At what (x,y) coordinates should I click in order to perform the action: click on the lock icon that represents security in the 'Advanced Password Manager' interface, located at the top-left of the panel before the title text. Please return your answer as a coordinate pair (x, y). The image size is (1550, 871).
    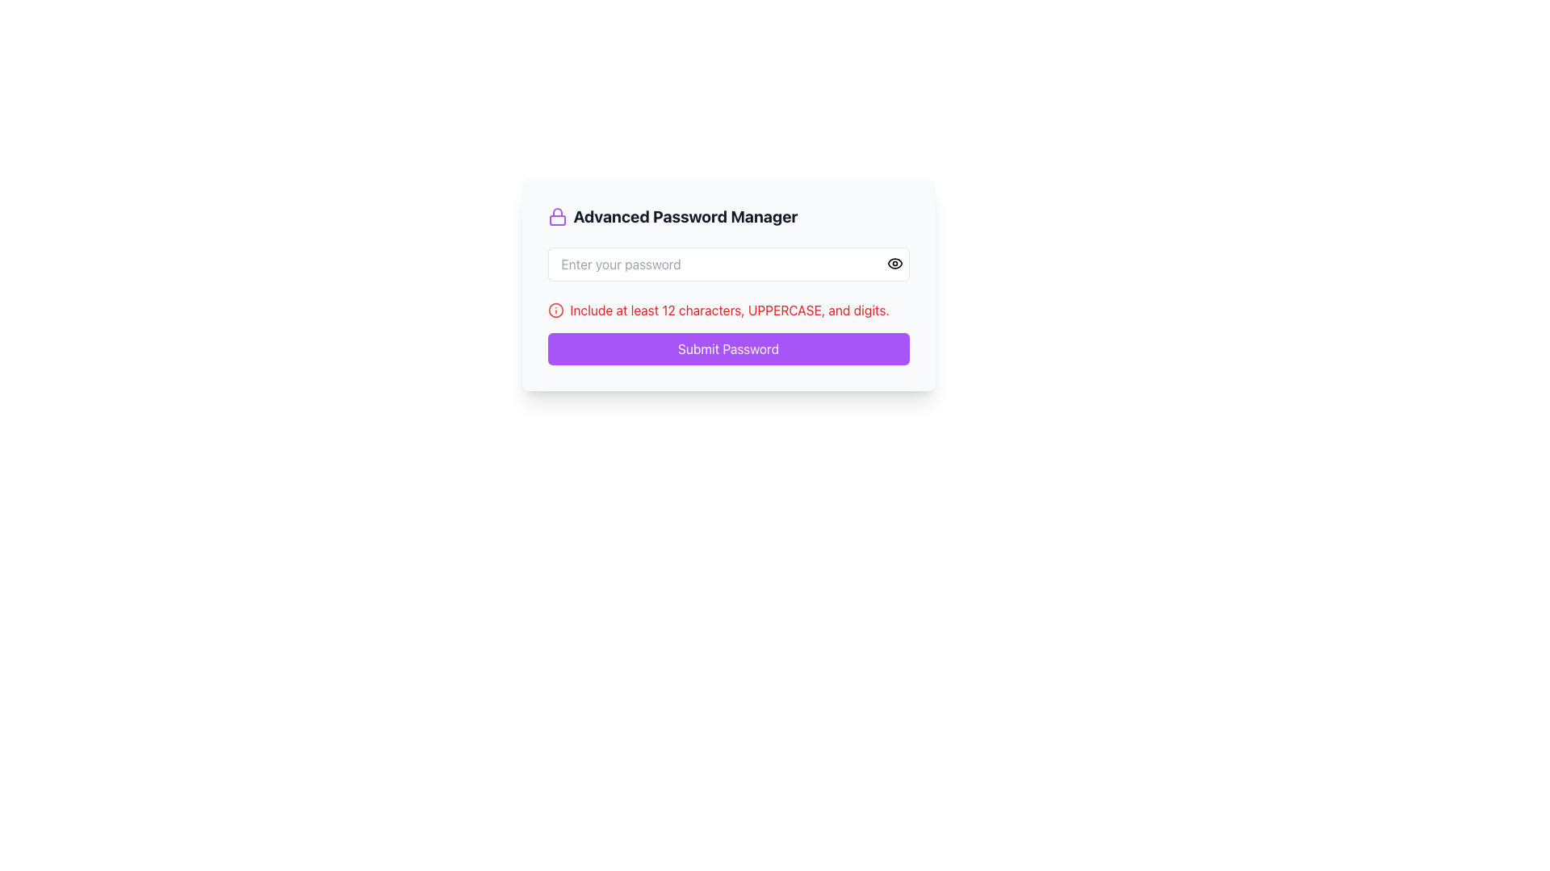
    Looking at the image, I should click on (557, 216).